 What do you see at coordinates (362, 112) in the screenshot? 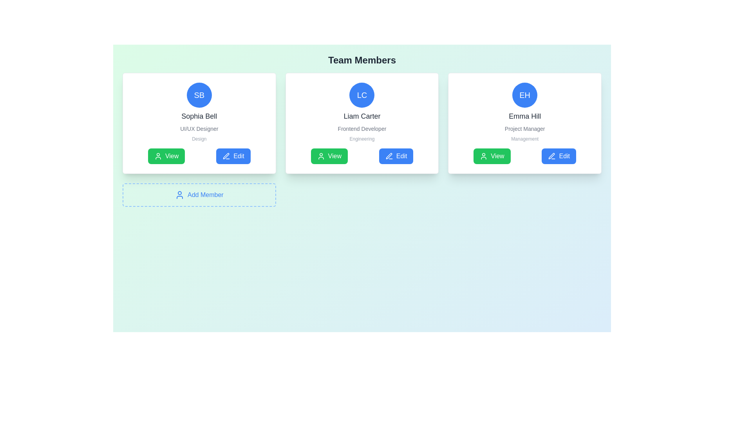
I see `the profile display section which includes the initials 'LC' in a circular badge and the name 'Liam Carter'` at bounding box center [362, 112].